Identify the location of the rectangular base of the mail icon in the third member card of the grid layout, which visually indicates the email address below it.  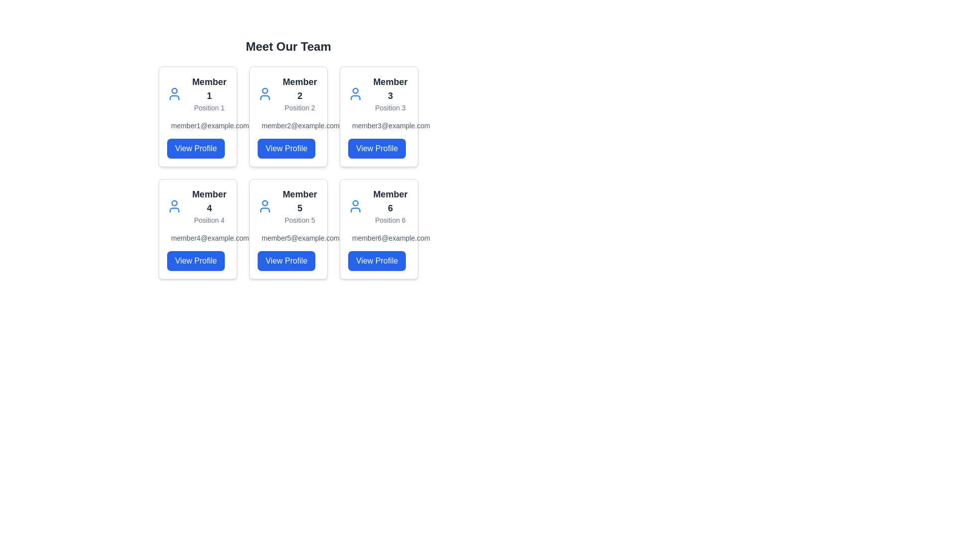
(354, 127).